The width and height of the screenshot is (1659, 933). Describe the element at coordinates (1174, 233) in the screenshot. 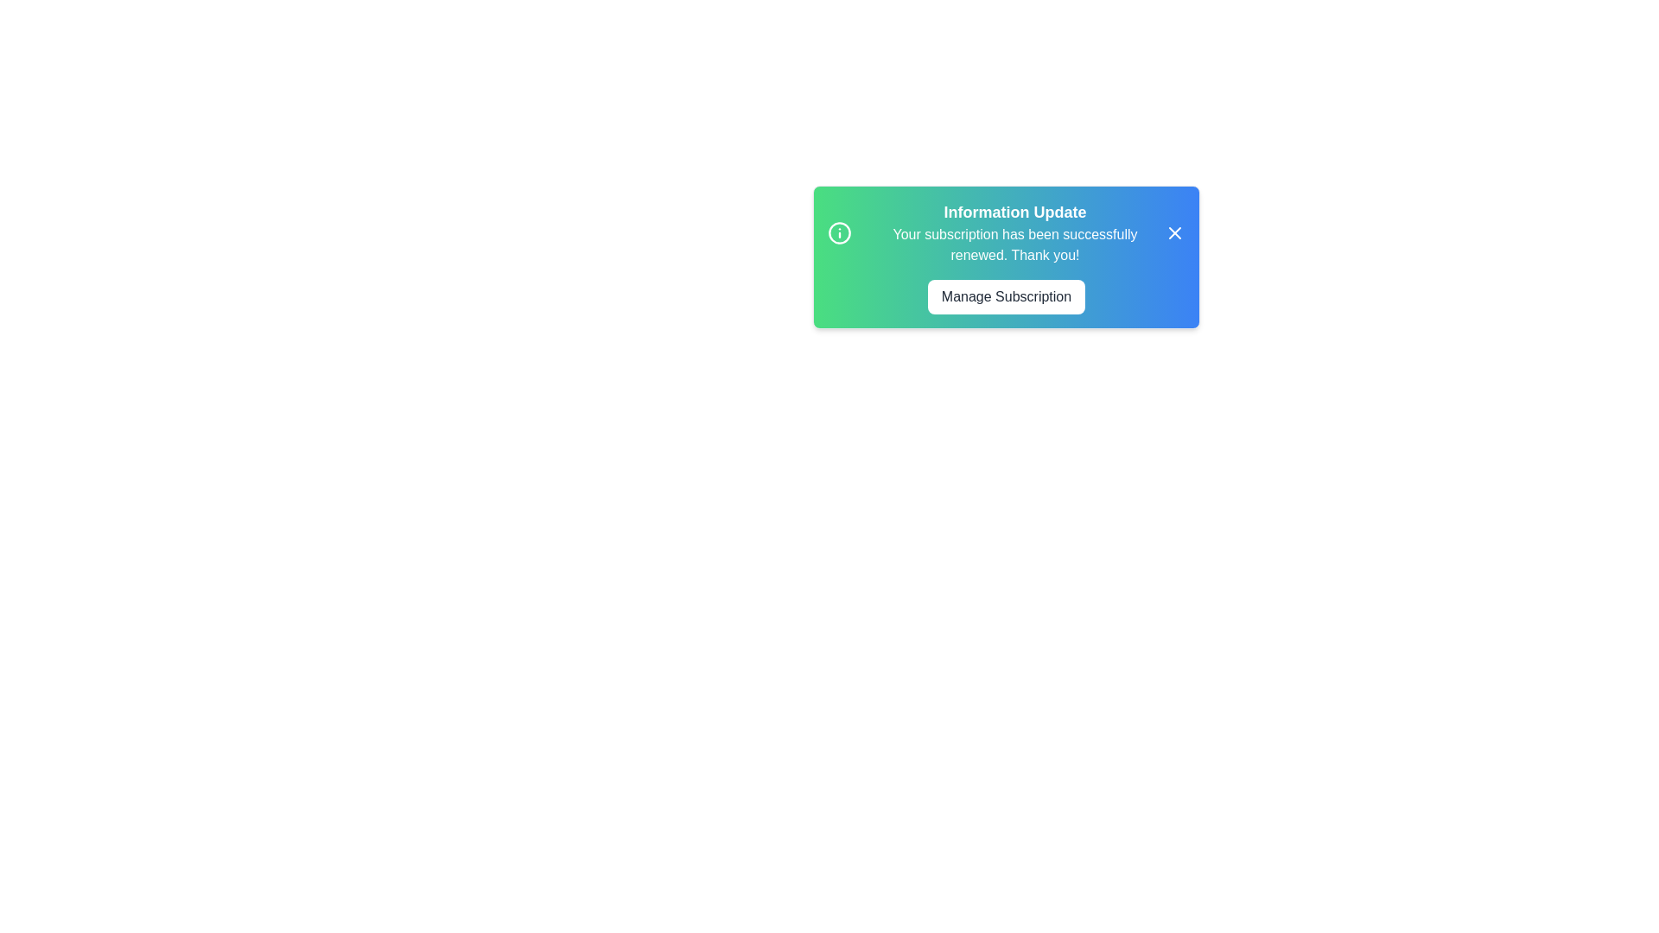

I see `the 'Close' button to observe its hover effect` at that location.